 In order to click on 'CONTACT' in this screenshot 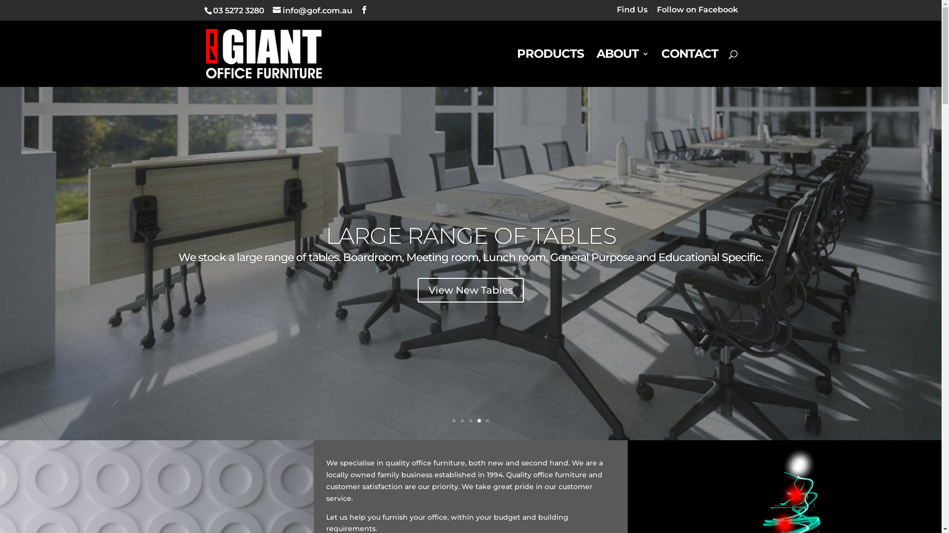, I will do `click(689, 68)`.